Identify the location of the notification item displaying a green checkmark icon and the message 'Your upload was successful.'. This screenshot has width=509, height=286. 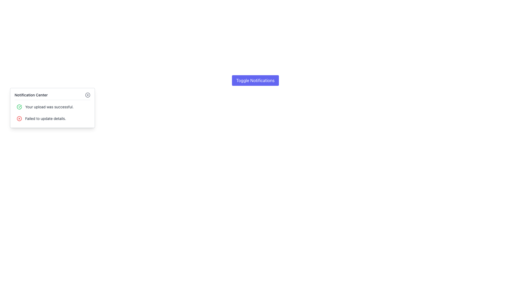
(52, 107).